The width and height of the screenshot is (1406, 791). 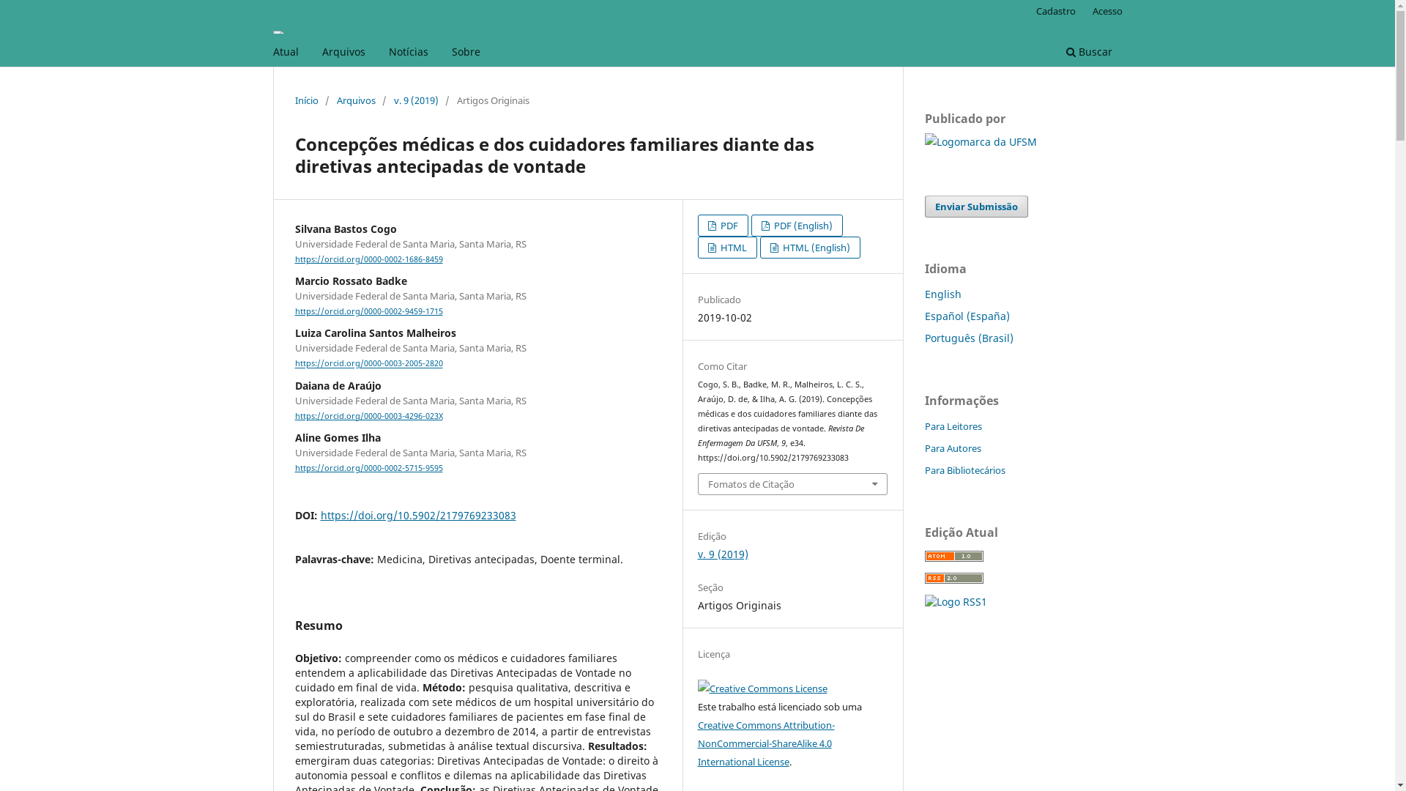 I want to click on 'Arquivos', so click(x=356, y=100).